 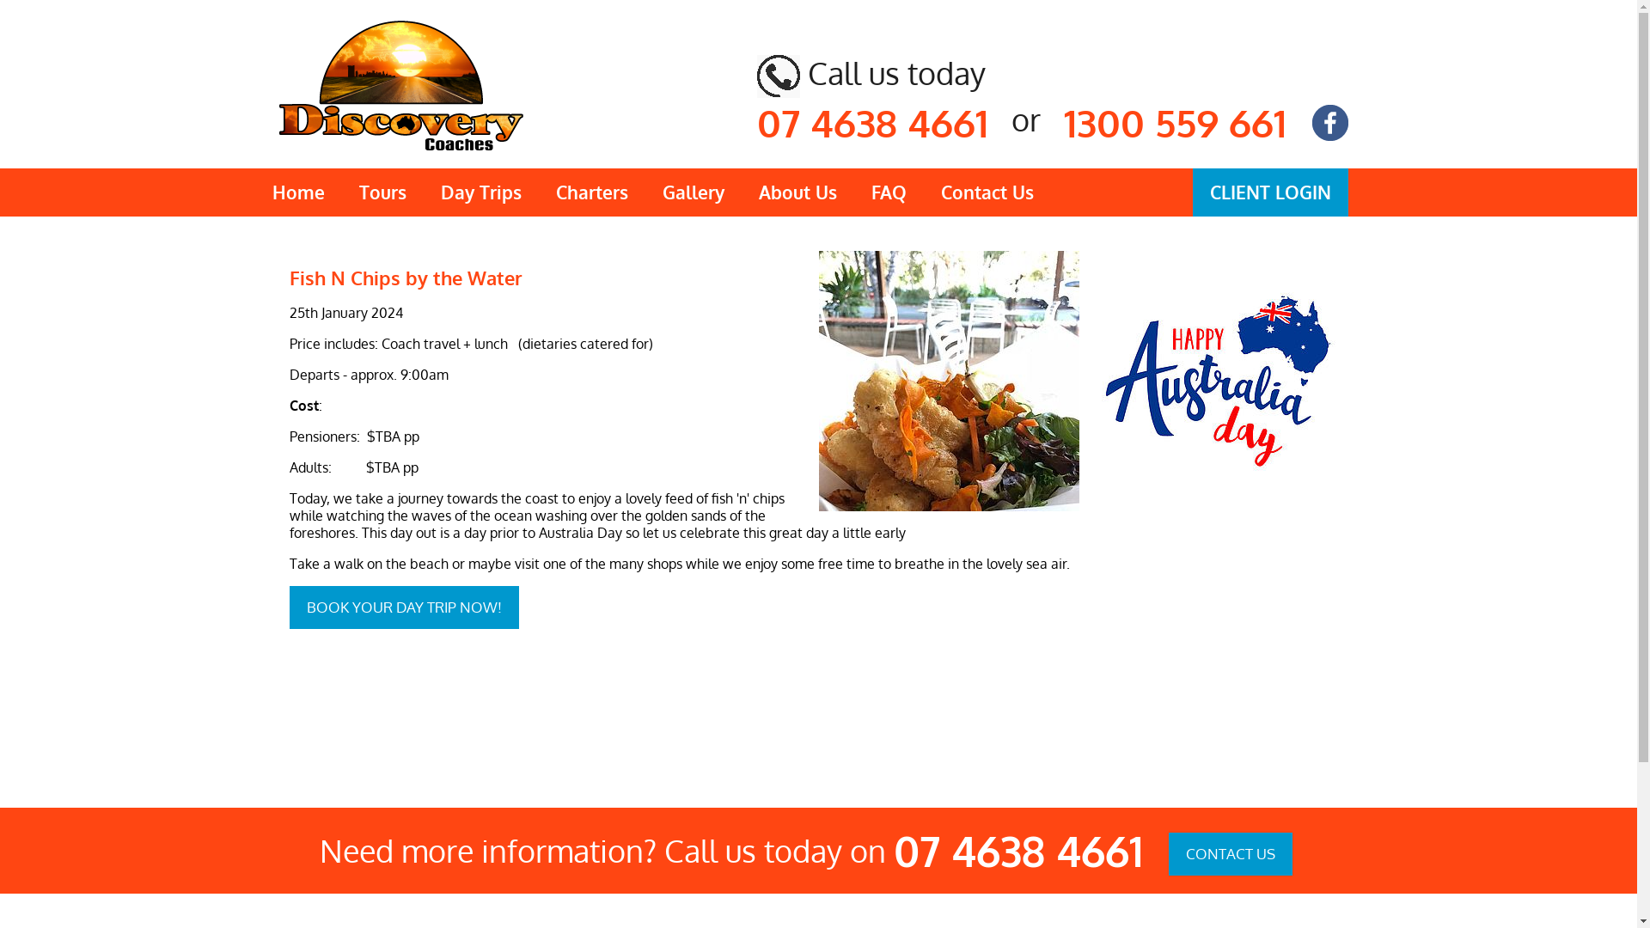 What do you see at coordinates (796, 192) in the screenshot?
I see `'About Us'` at bounding box center [796, 192].